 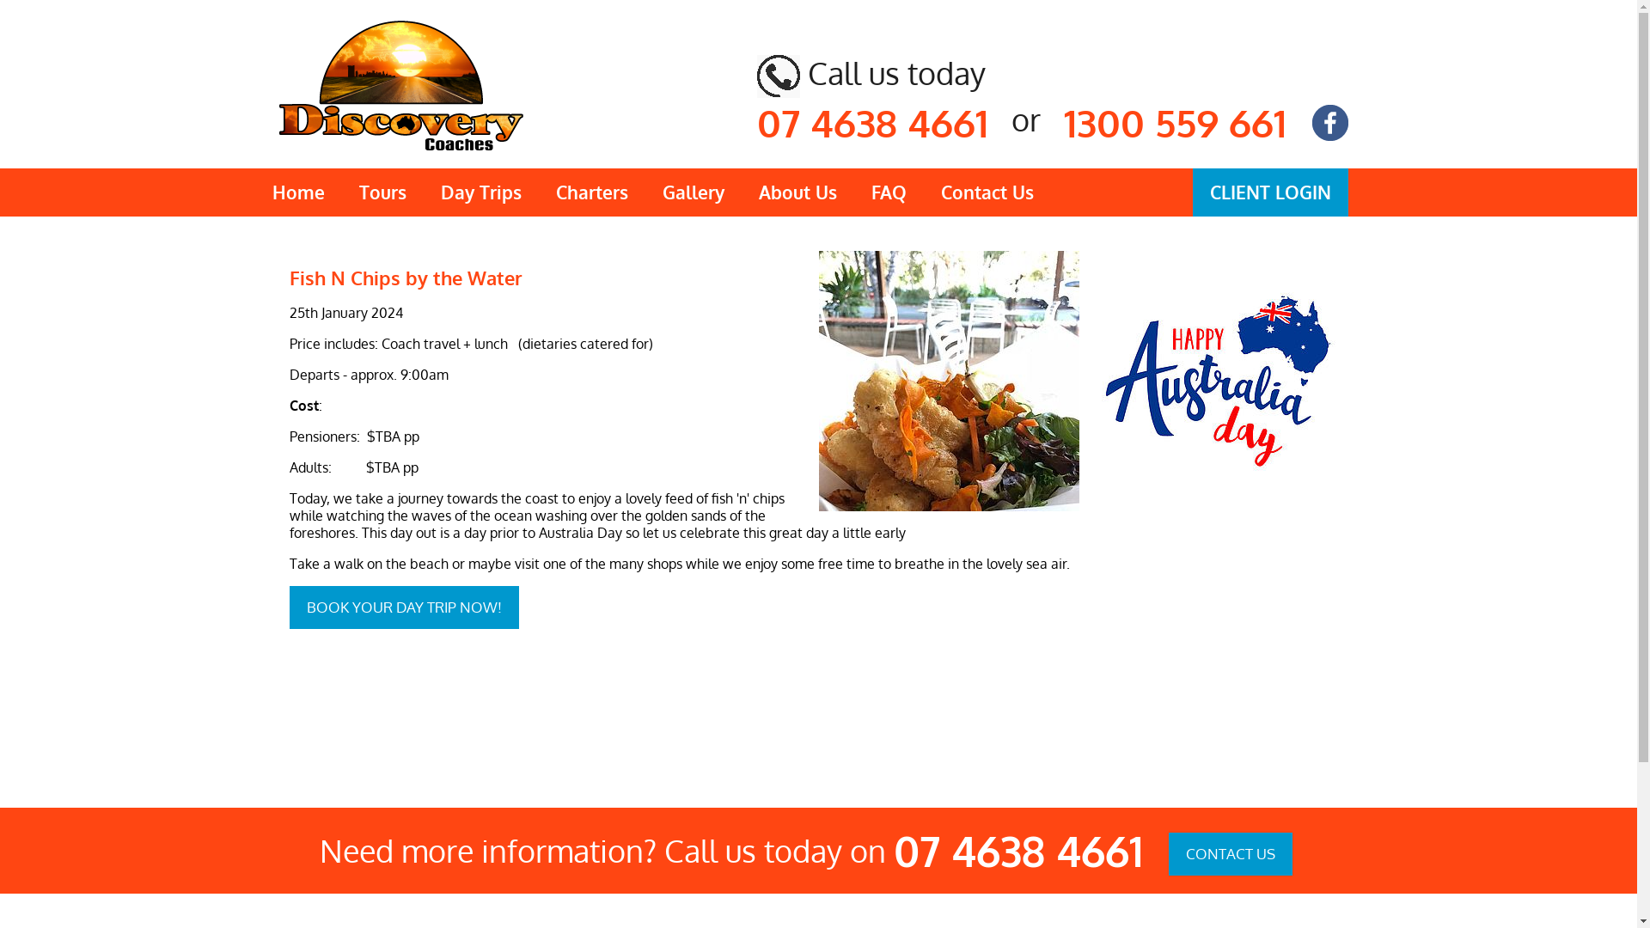 What do you see at coordinates (796, 192) in the screenshot?
I see `'About Us'` at bounding box center [796, 192].